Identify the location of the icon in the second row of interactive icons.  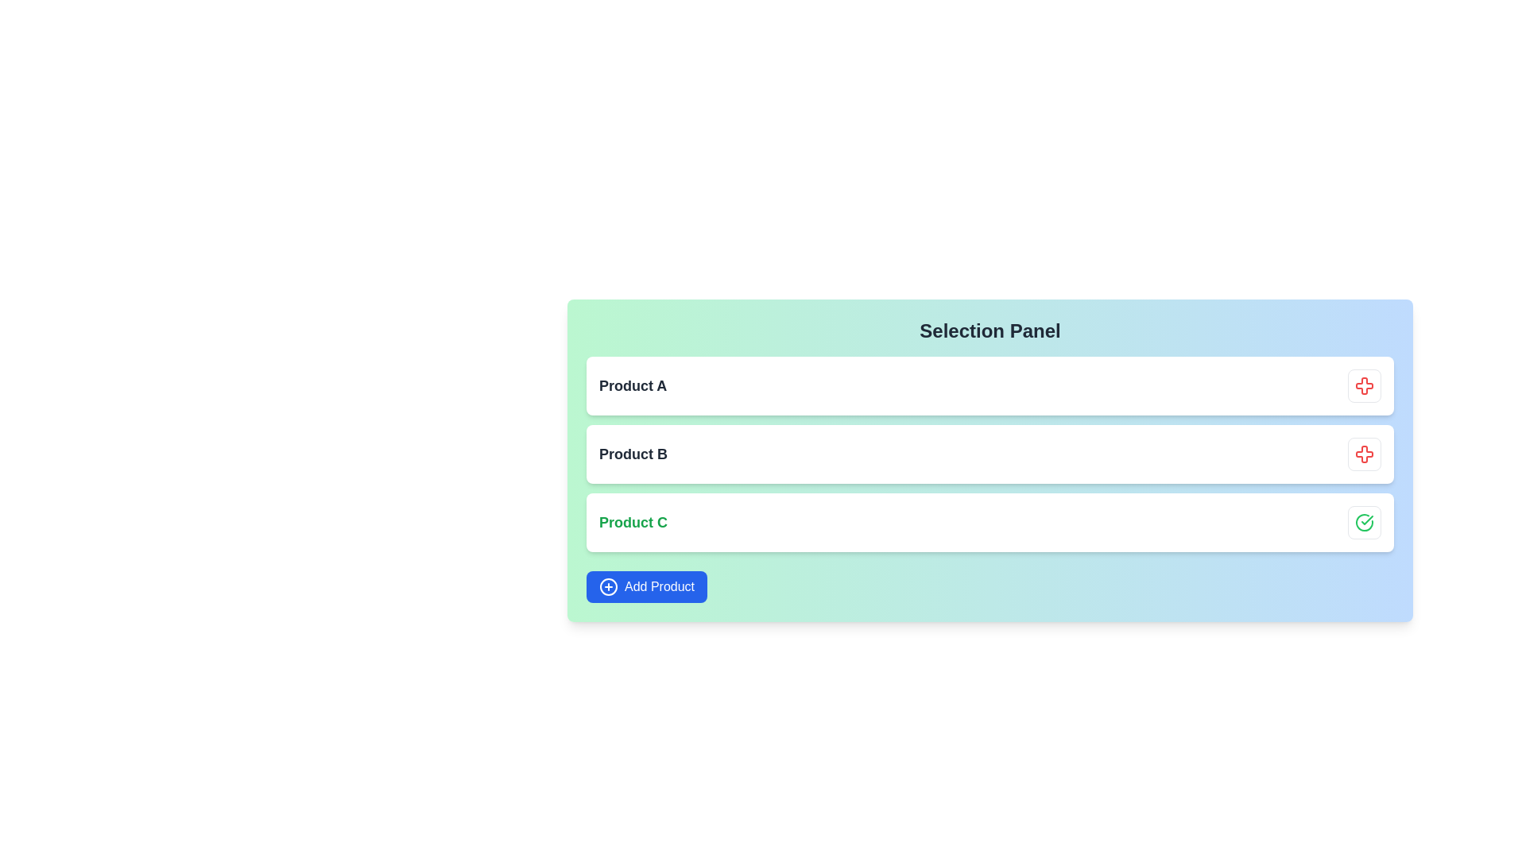
(1364, 386).